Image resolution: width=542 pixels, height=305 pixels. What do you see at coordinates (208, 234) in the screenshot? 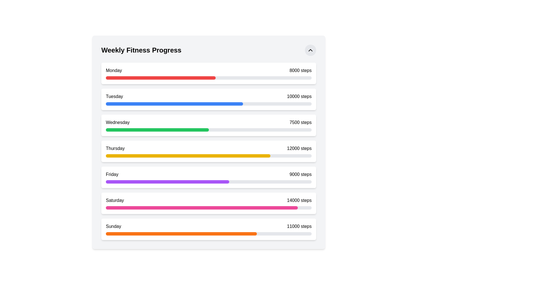
I see `the progress bar representing the user's step count for Sunday, located below the pink bar labeled 'Saturday' and above the white space at the bottom of the list` at bounding box center [208, 234].